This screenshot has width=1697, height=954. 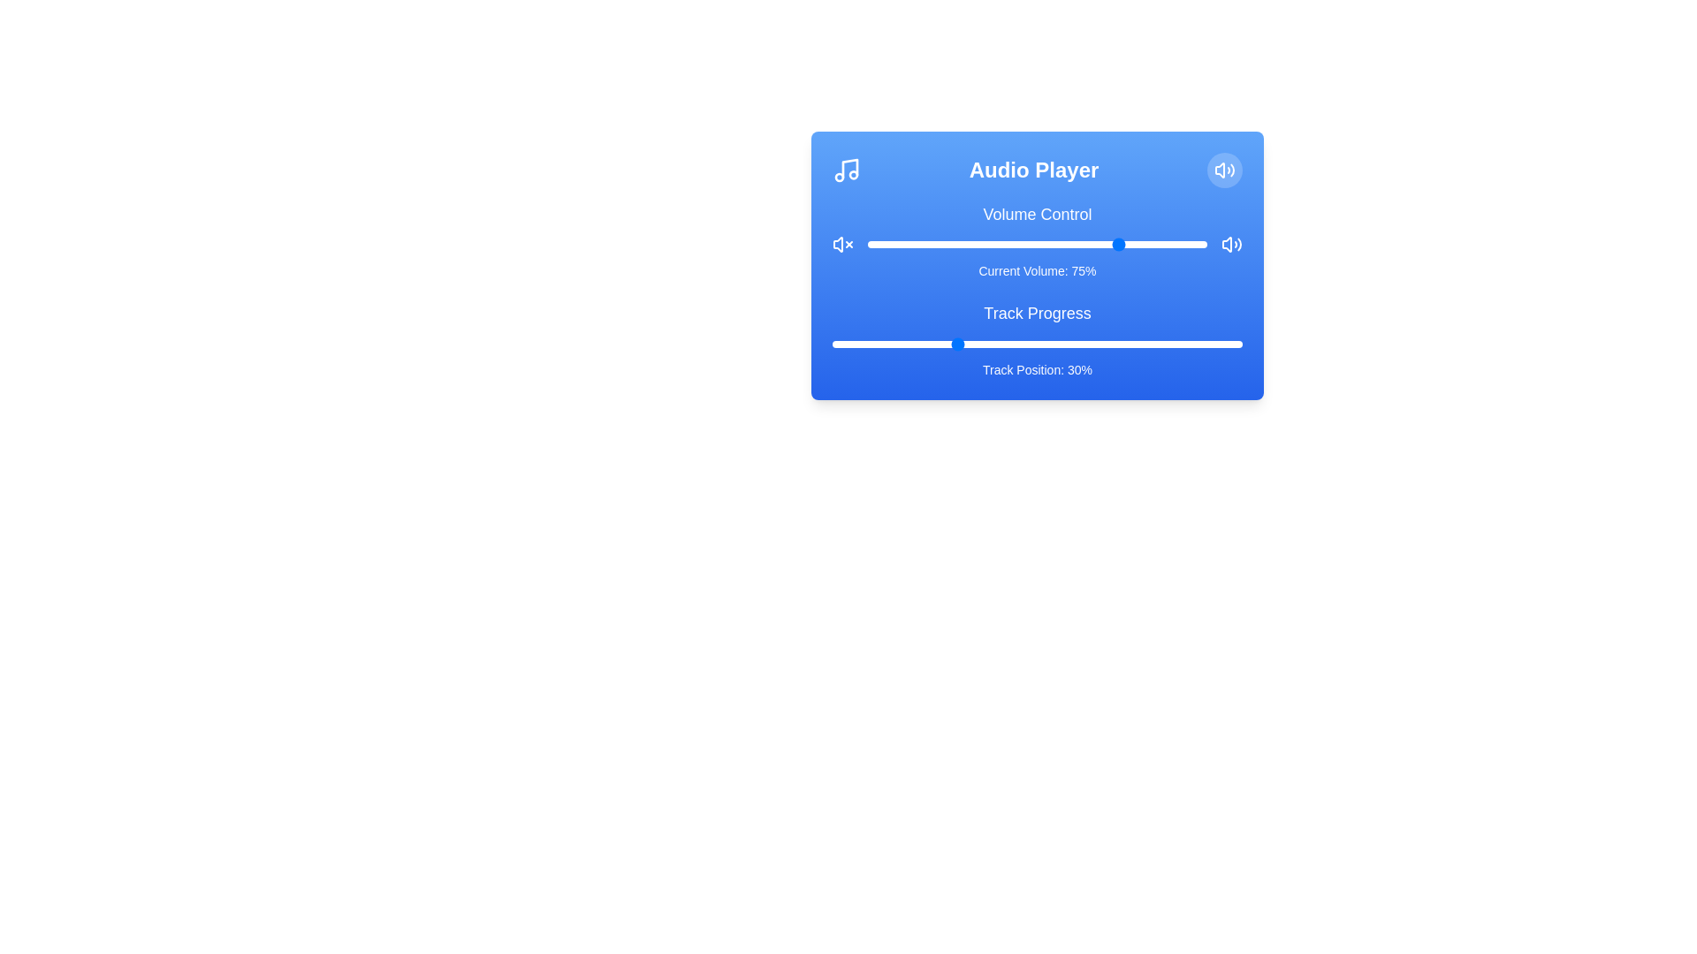 I want to click on volume, so click(x=990, y=241).